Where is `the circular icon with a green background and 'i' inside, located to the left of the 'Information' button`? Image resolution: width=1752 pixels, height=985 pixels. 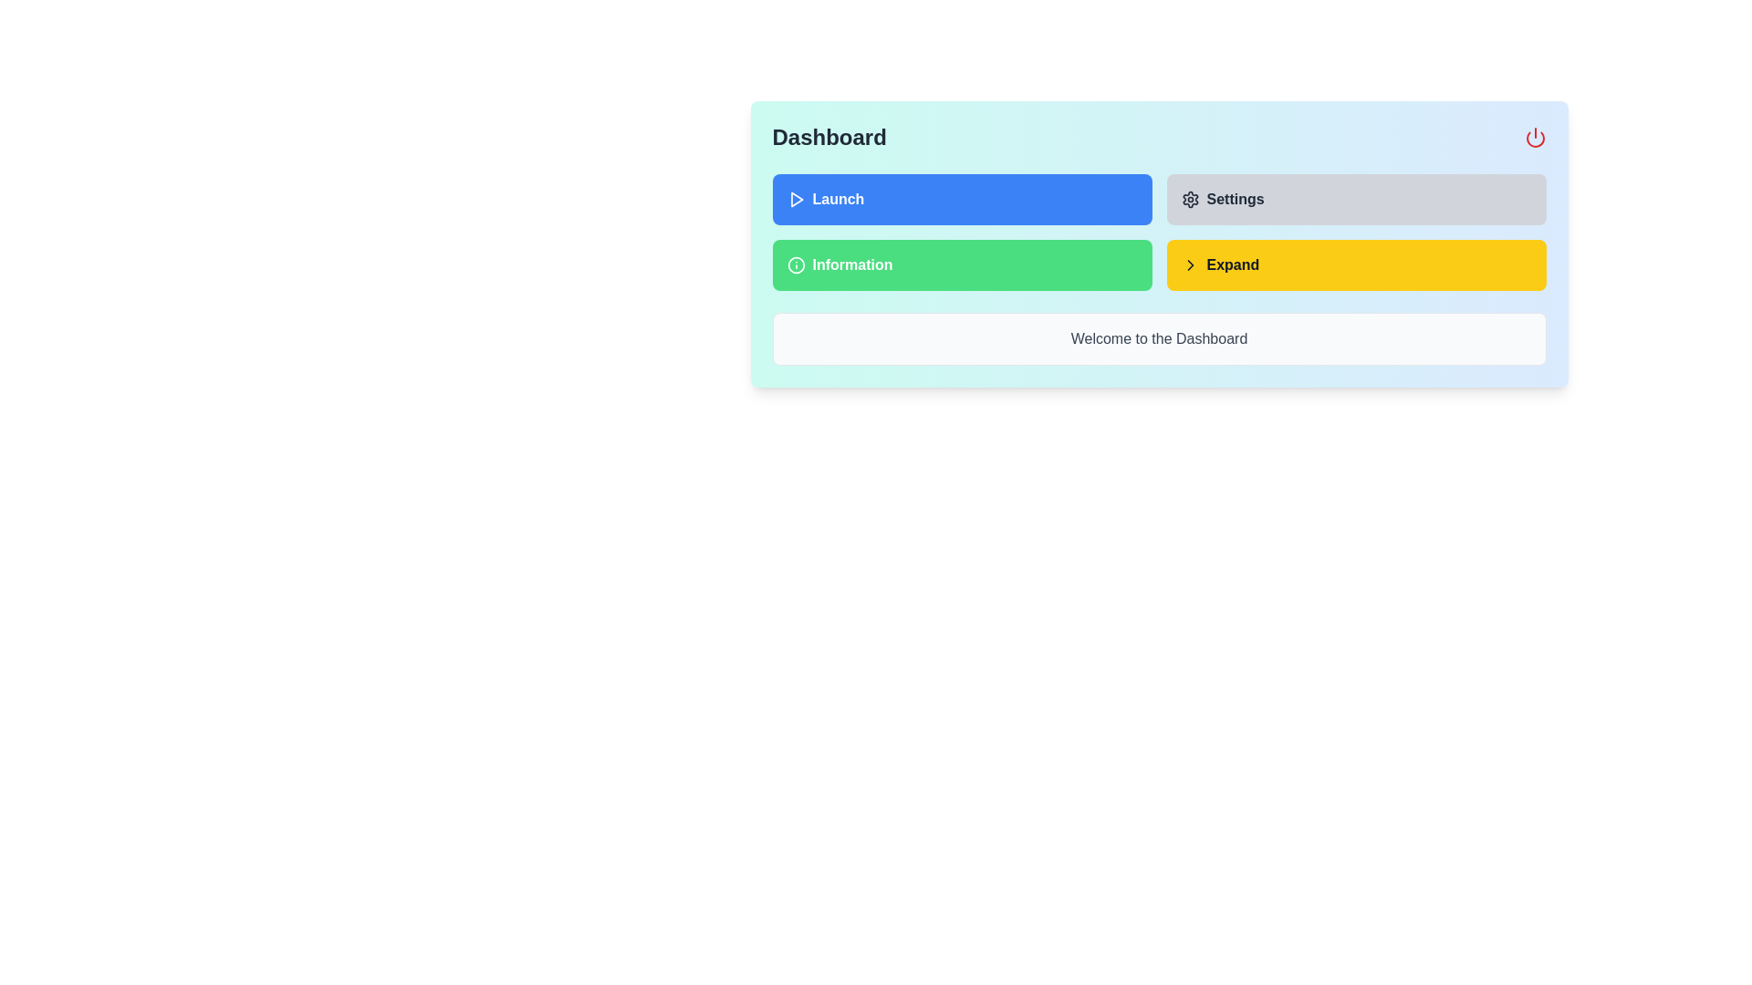 the circular icon with a green background and 'i' inside, located to the left of the 'Information' button is located at coordinates (796, 264).